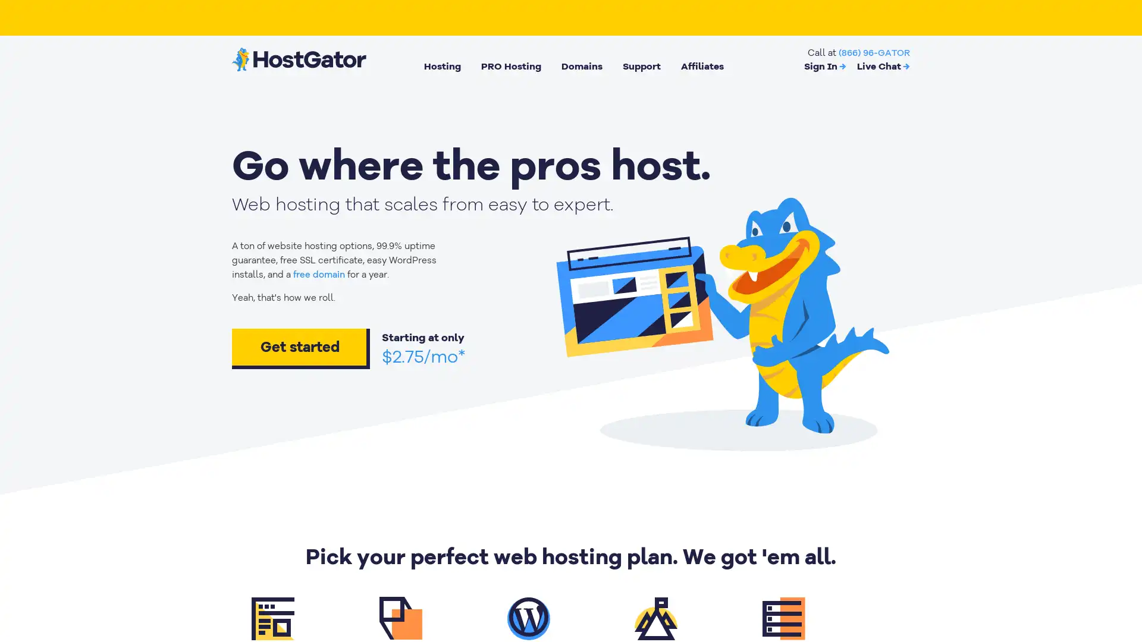 Image resolution: width=1142 pixels, height=642 pixels. I want to click on (866) 96-GATOR, so click(874, 52).